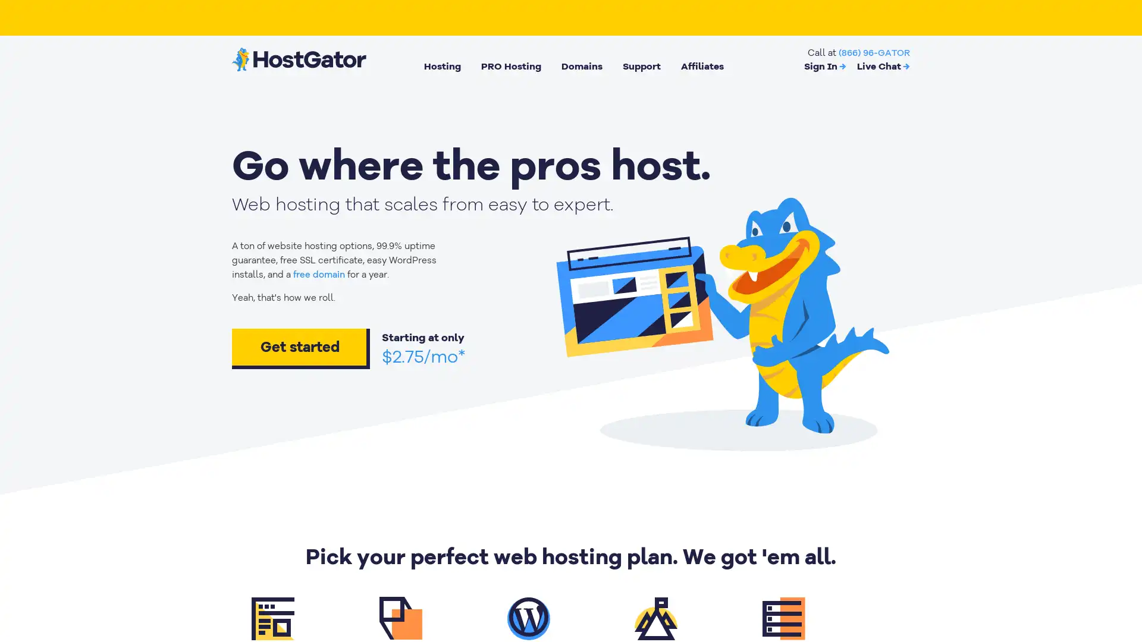 Image resolution: width=1142 pixels, height=642 pixels. I want to click on (866) 96-GATOR, so click(874, 52).